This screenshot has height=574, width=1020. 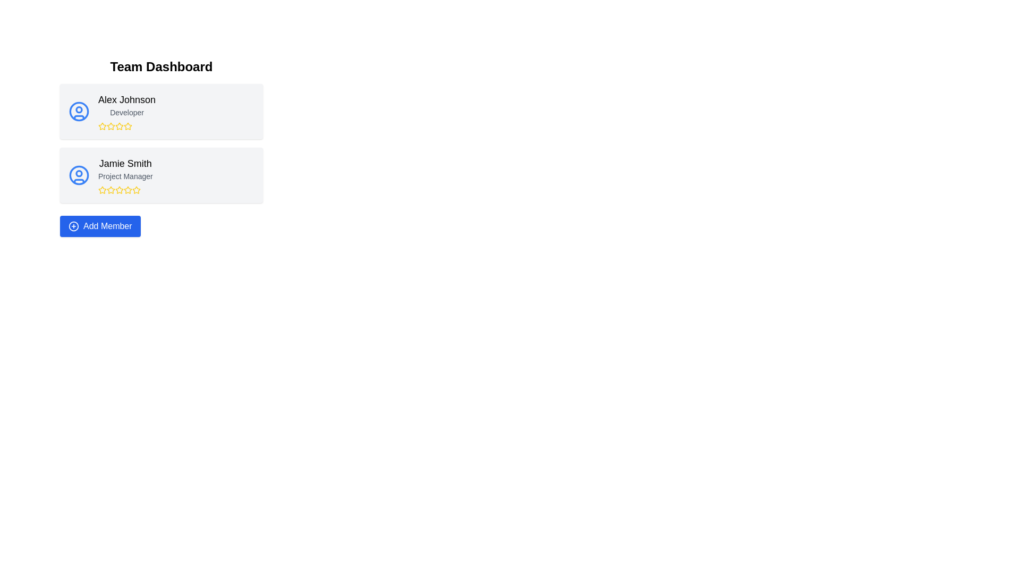 I want to click on the first yellow rating star icon located under the 'Jamie Smith' profile card in the 'Team Dashboard' interface for interaction, so click(x=102, y=189).